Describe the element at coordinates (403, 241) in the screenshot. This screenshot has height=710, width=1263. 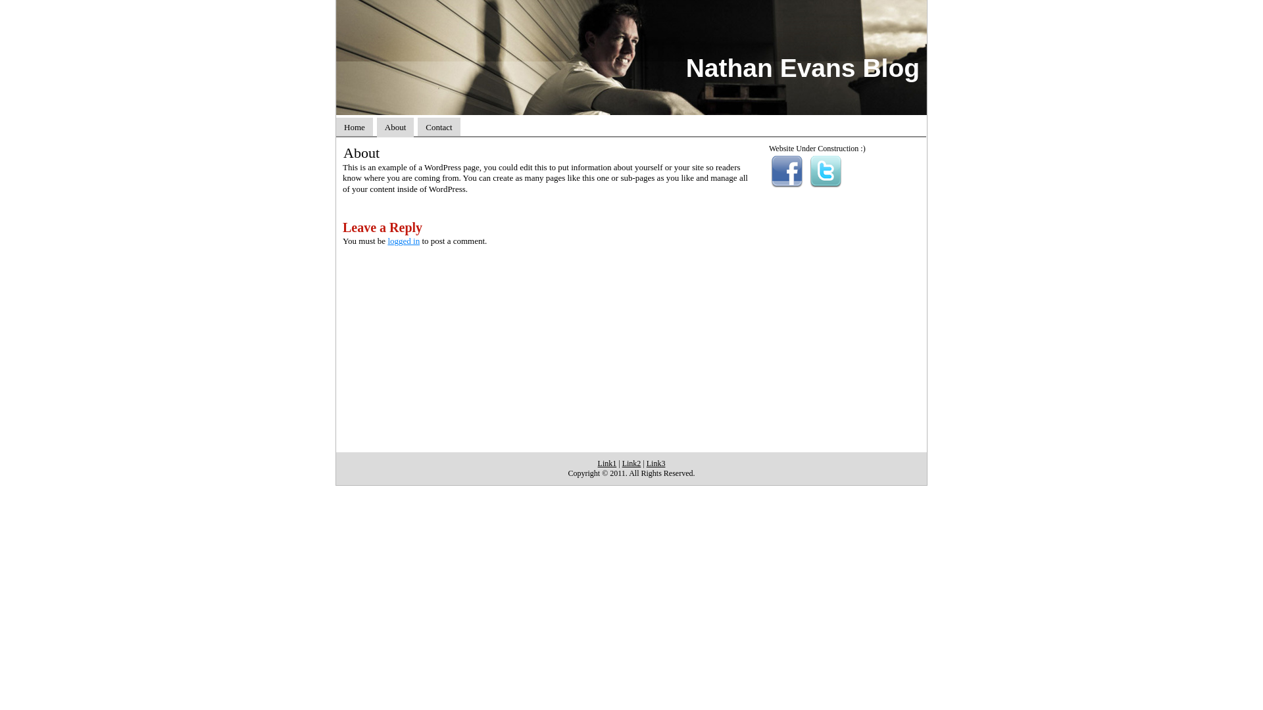
I see `'logged in'` at that location.